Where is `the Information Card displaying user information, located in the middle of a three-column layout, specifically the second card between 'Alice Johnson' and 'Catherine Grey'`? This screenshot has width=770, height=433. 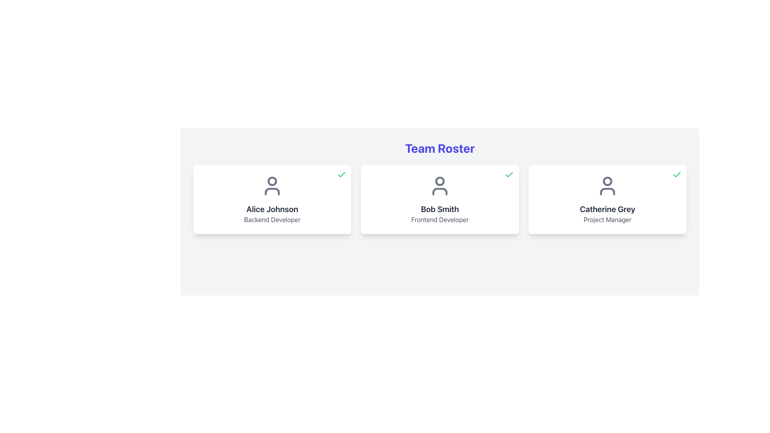
the Information Card displaying user information, located in the middle of a three-column layout, specifically the second card between 'Alice Johnson' and 'Catherine Grey' is located at coordinates (440, 199).